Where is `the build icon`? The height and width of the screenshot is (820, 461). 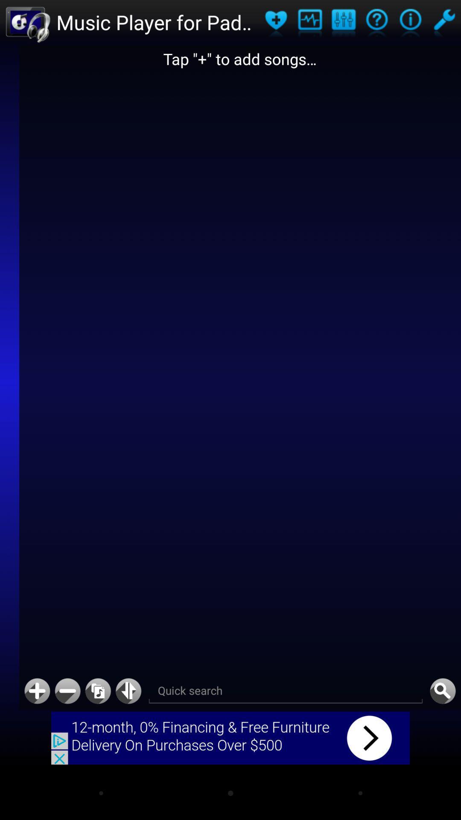
the build icon is located at coordinates (443, 23).